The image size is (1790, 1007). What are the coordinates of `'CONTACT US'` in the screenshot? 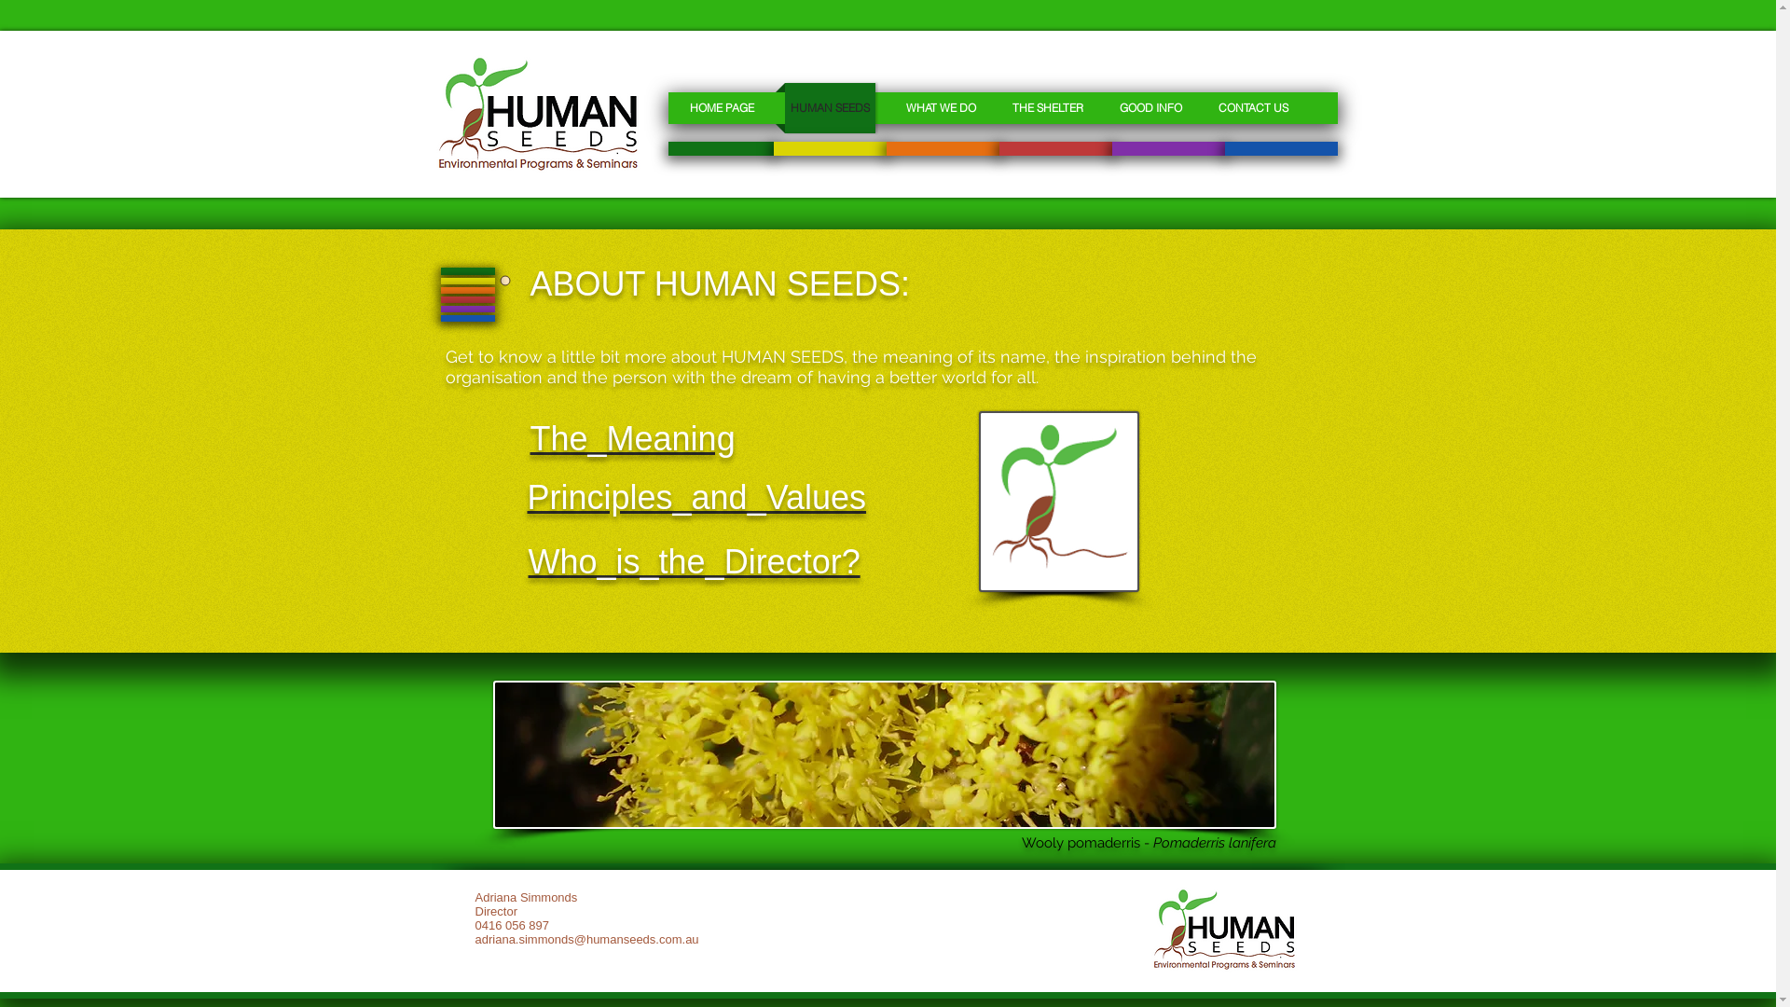 It's located at (1203, 107).